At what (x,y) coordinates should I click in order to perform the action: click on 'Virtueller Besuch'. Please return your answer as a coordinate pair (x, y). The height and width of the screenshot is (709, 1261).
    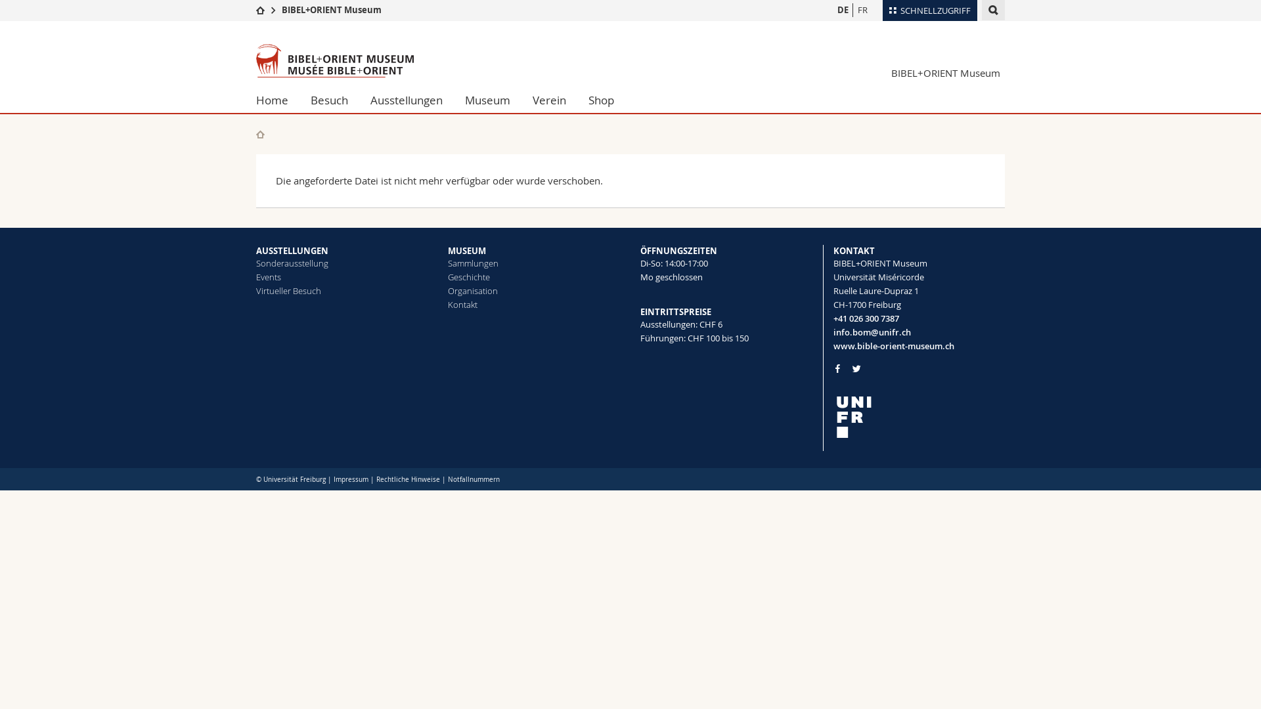
    Looking at the image, I should click on (288, 290).